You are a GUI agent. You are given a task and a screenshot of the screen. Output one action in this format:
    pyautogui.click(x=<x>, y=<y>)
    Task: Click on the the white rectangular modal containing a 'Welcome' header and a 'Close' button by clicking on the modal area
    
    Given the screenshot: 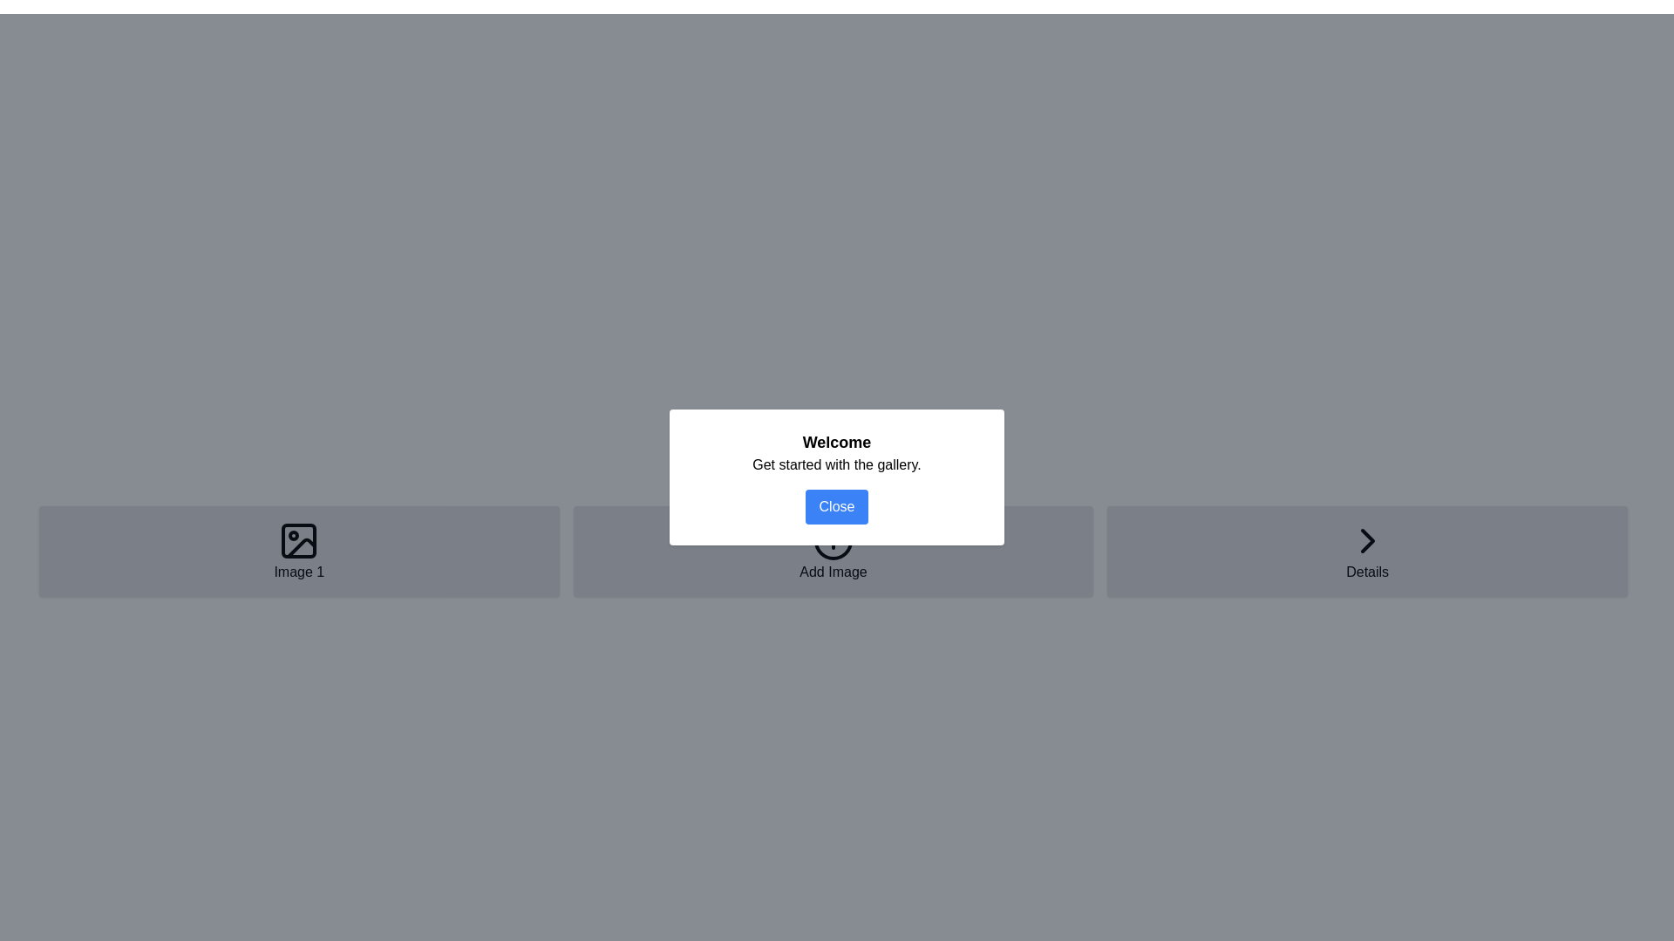 What is the action you would take?
    pyautogui.click(x=837, y=477)
    